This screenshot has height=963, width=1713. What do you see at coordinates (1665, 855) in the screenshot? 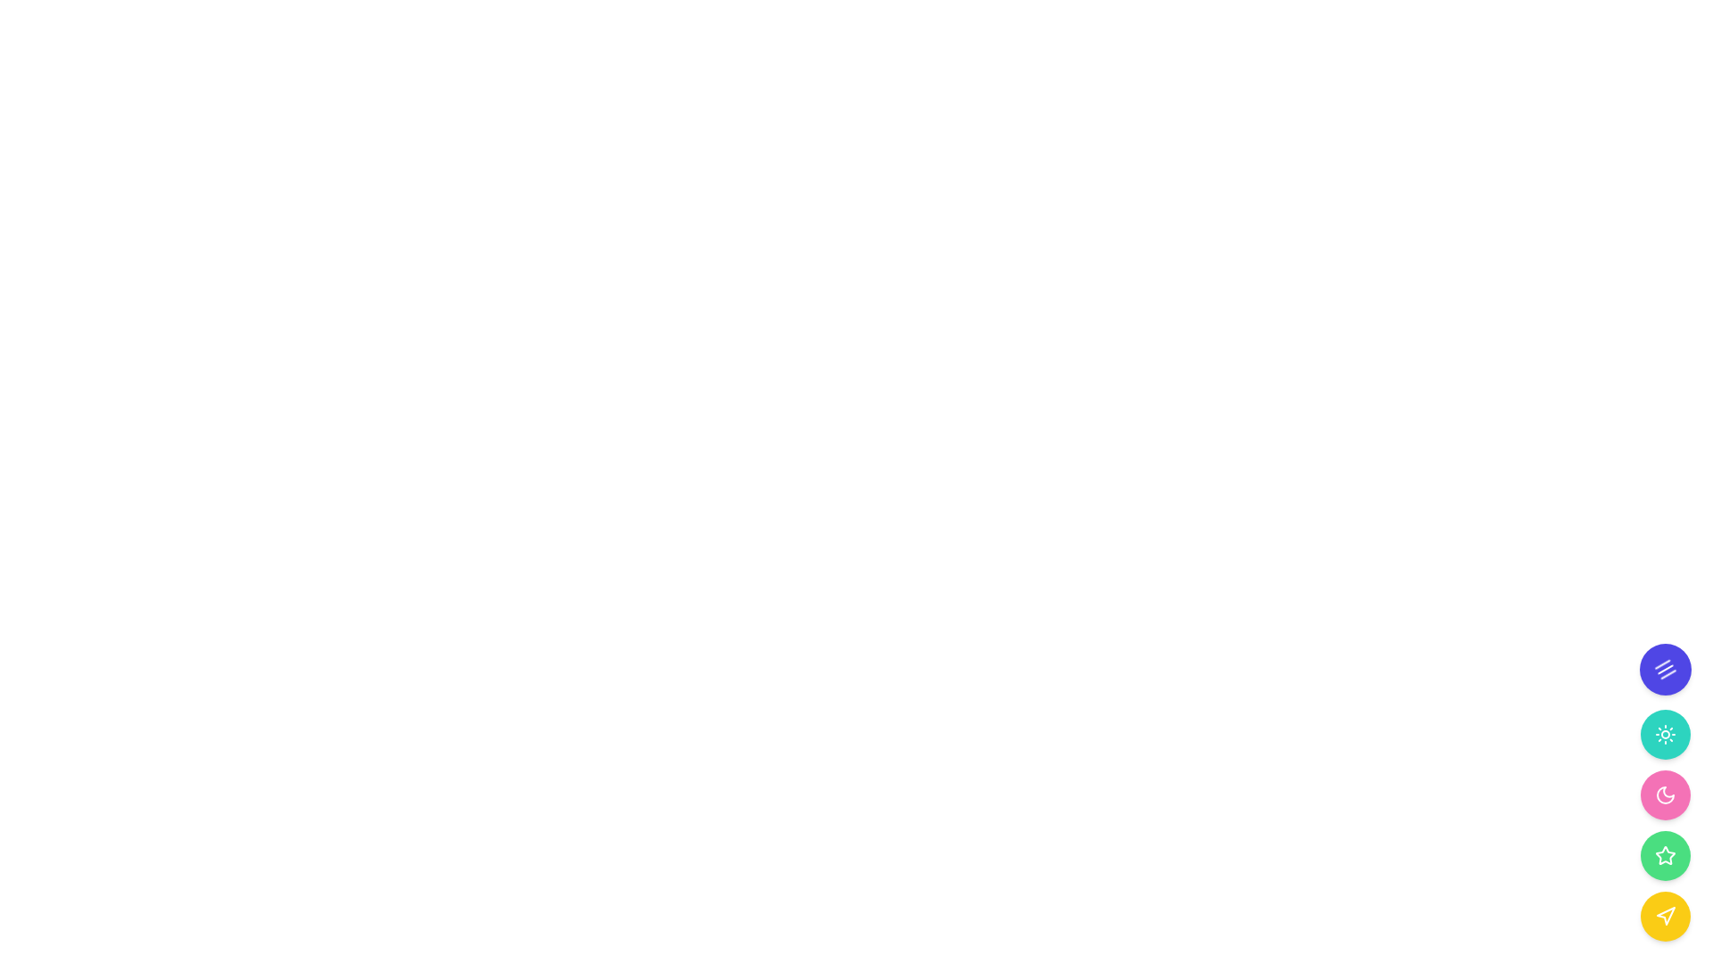
I see `the green round button with a white star icon, positioned fourth from the top in a vertical group of buttons on the right edge of the interface` at bounding box center [1665, 855].